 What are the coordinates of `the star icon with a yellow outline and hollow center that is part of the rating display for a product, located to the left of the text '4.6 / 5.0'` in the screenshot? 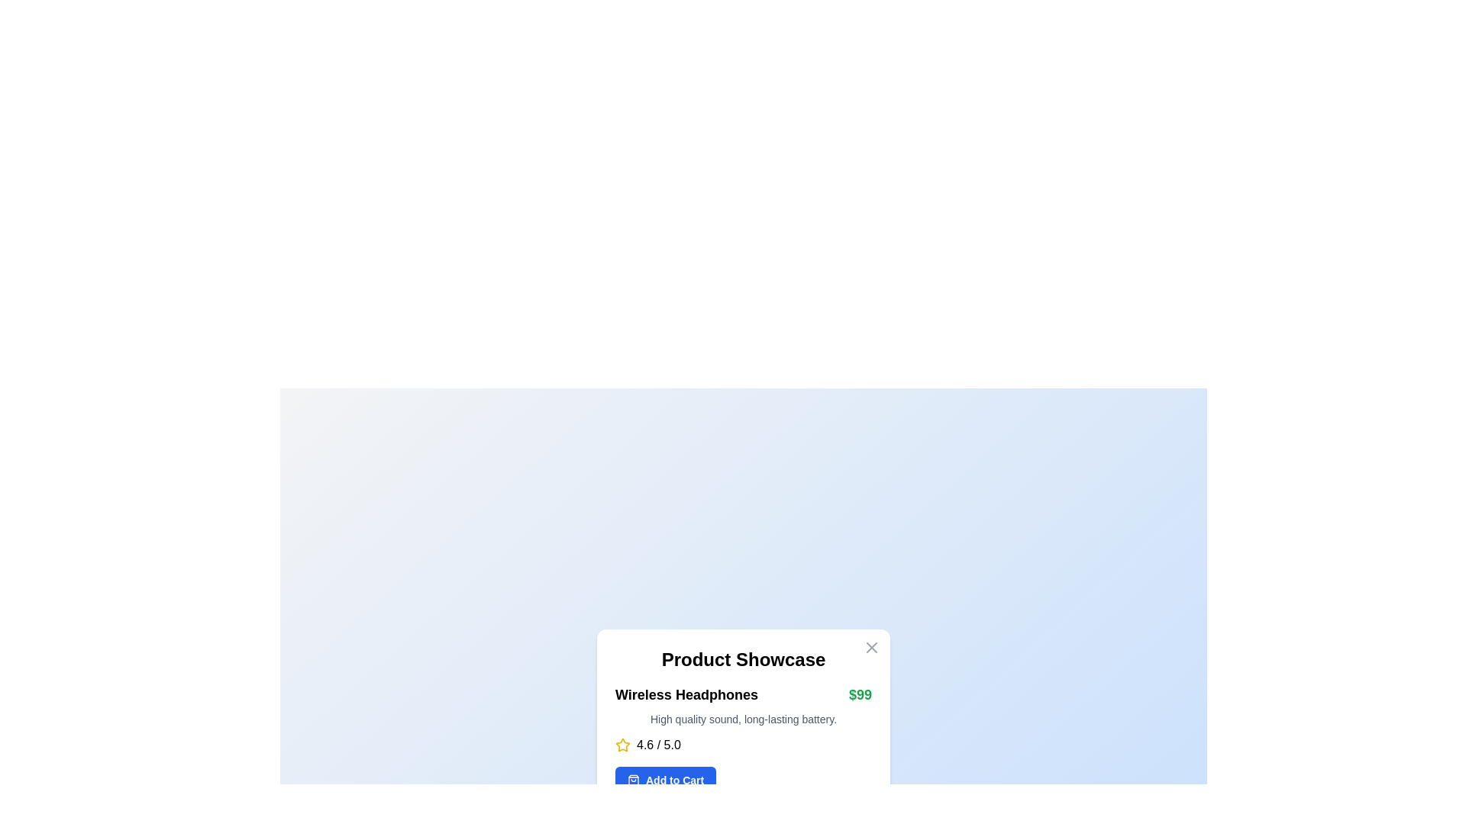 It's located at (623, 743).